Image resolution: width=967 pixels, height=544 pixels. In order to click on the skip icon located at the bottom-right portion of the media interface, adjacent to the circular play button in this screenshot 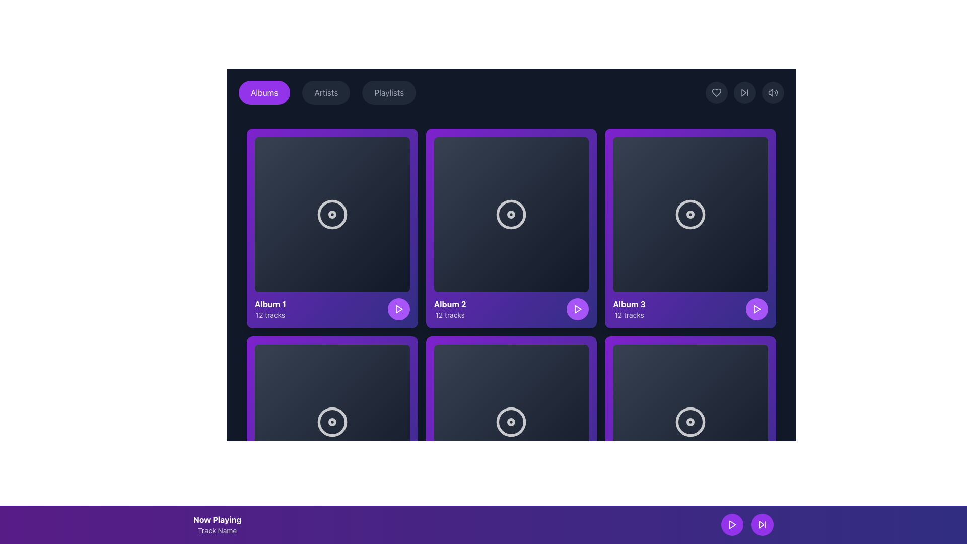, I will do `click(762, 524)`.